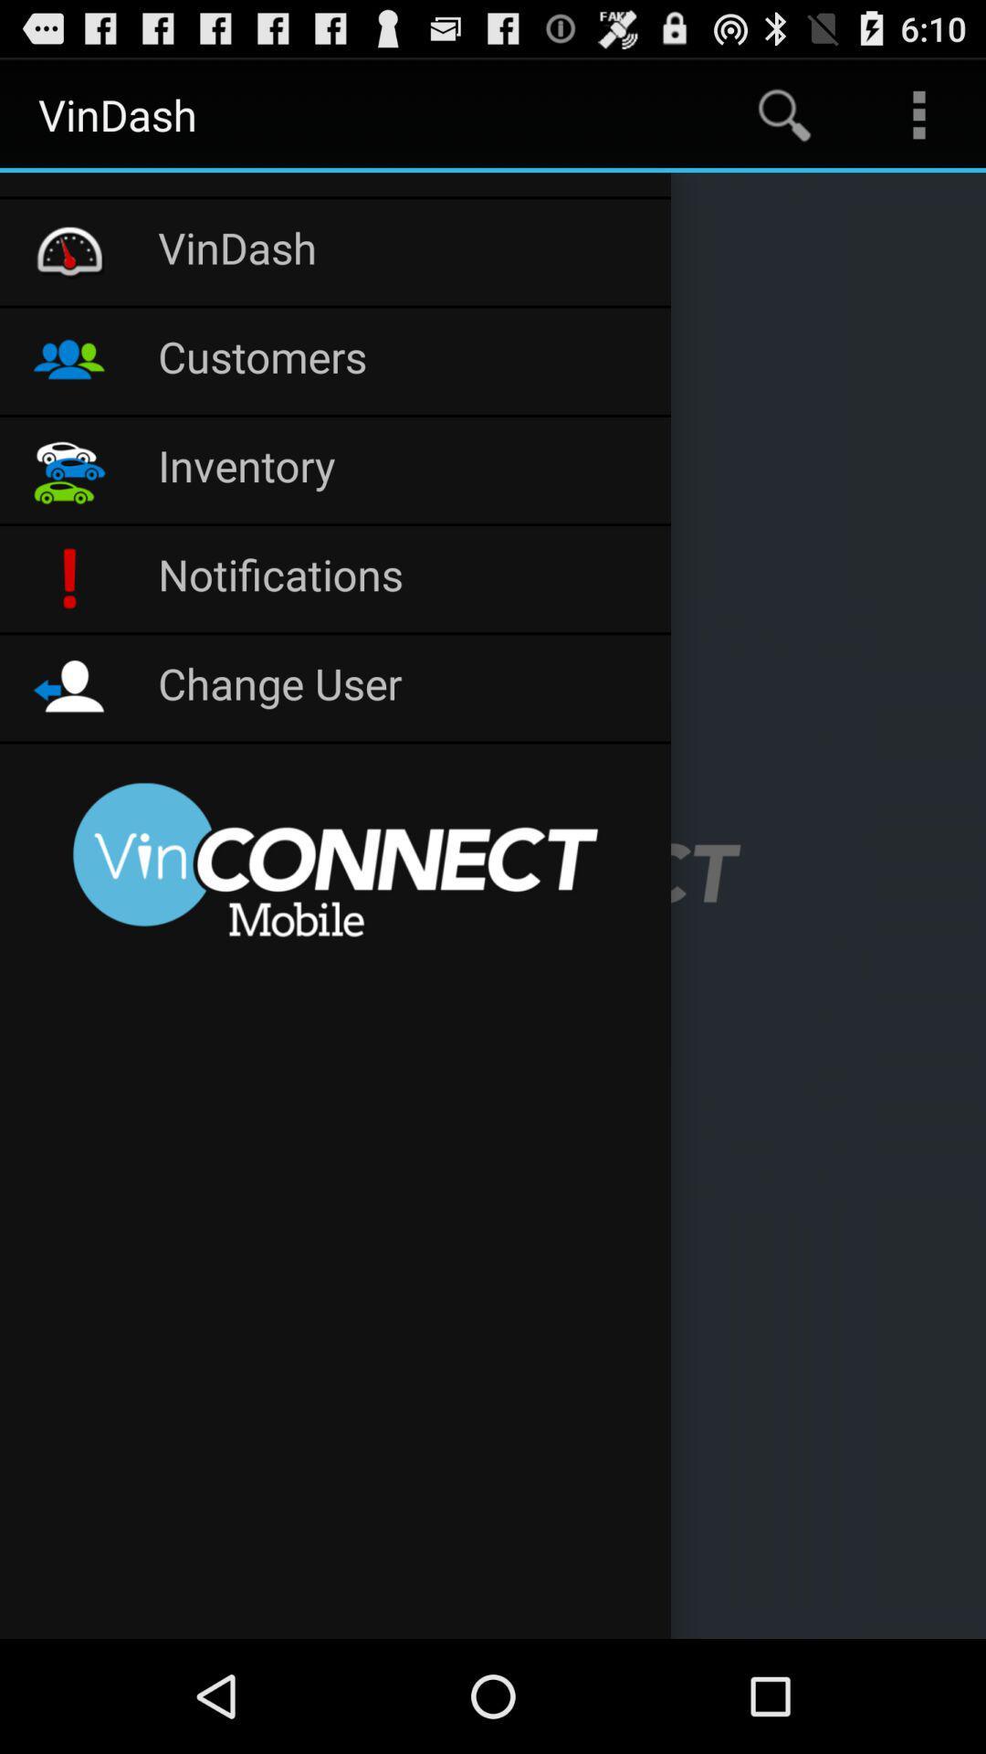  I want to click on item above the notifications app, so click(404, 470).